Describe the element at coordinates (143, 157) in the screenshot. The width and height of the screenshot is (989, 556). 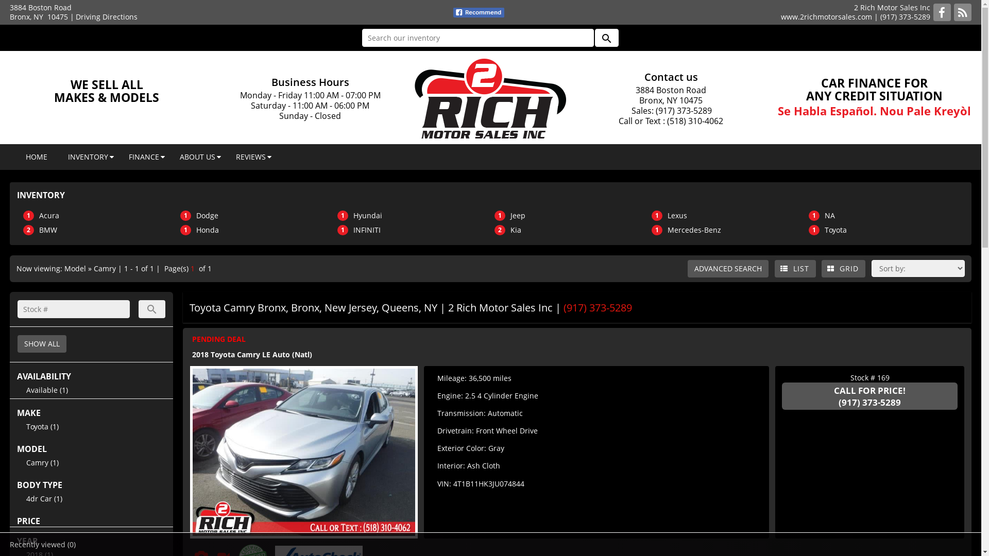
I see `'FINANCE'` at that location.